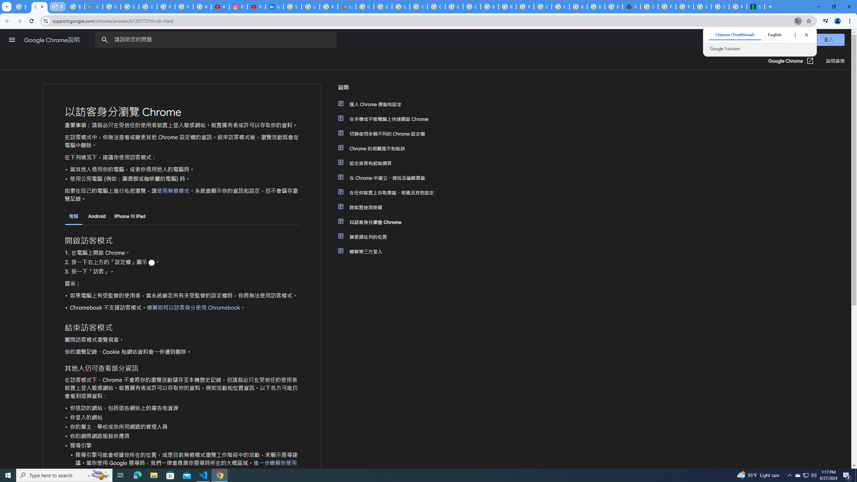 The width and height of the screenshot is (857, 482). What do you see at coordinates (401, 6) in the screenshot?
I see `'Sign in - Google Accounts'` at bounding box center [401, 6].